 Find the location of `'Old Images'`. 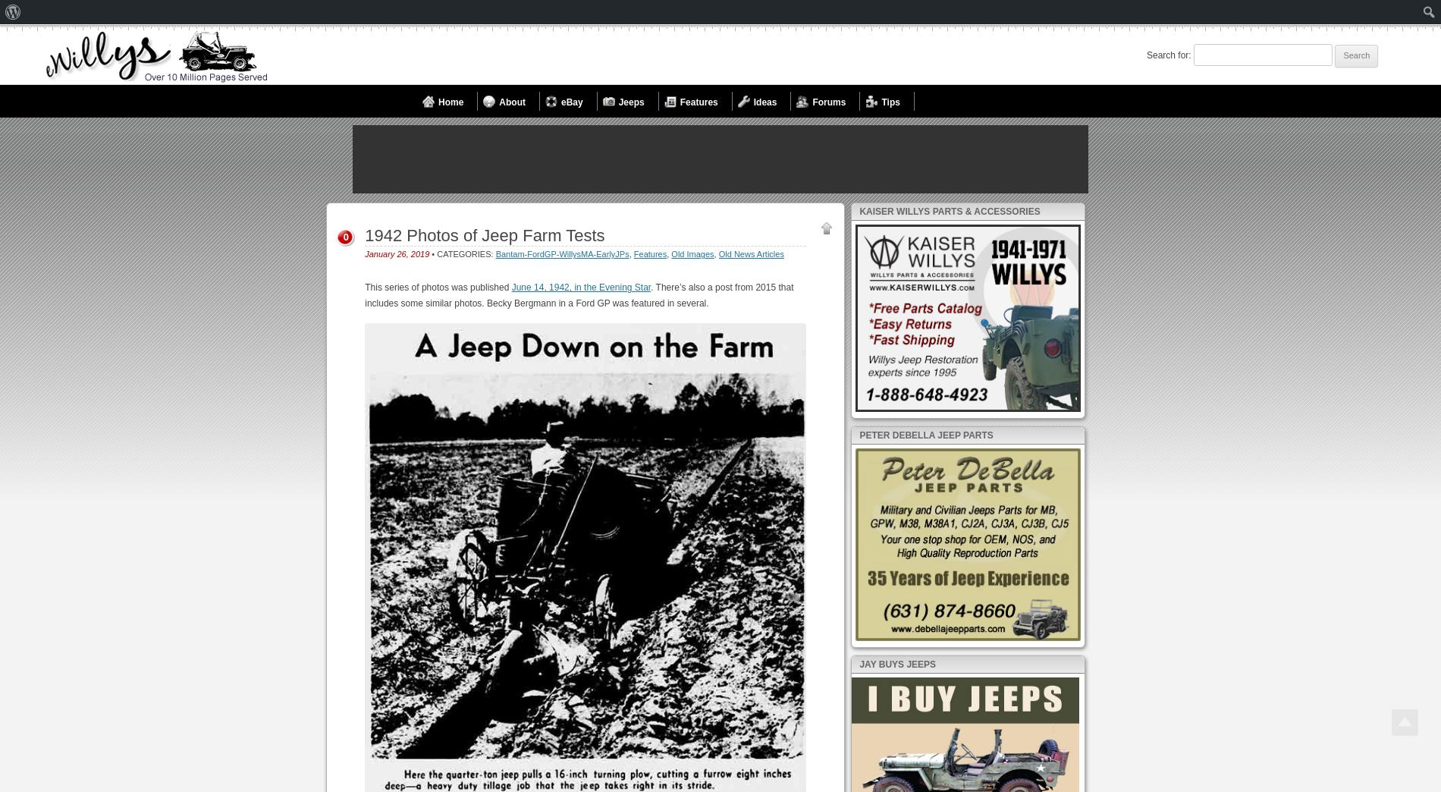

'Old Images' is located at coordinates (691, 254).